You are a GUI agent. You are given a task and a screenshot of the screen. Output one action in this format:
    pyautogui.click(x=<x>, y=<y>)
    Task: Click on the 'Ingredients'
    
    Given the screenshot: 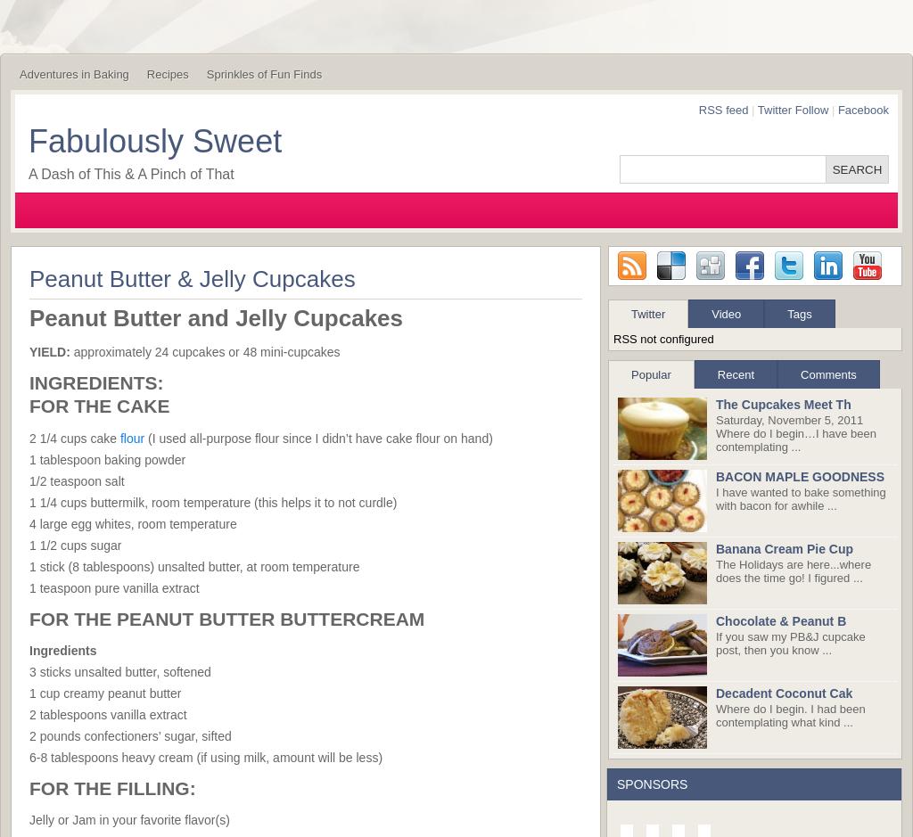 What is the action you would take?
    pyautogui.click(x=62, y=650)
    